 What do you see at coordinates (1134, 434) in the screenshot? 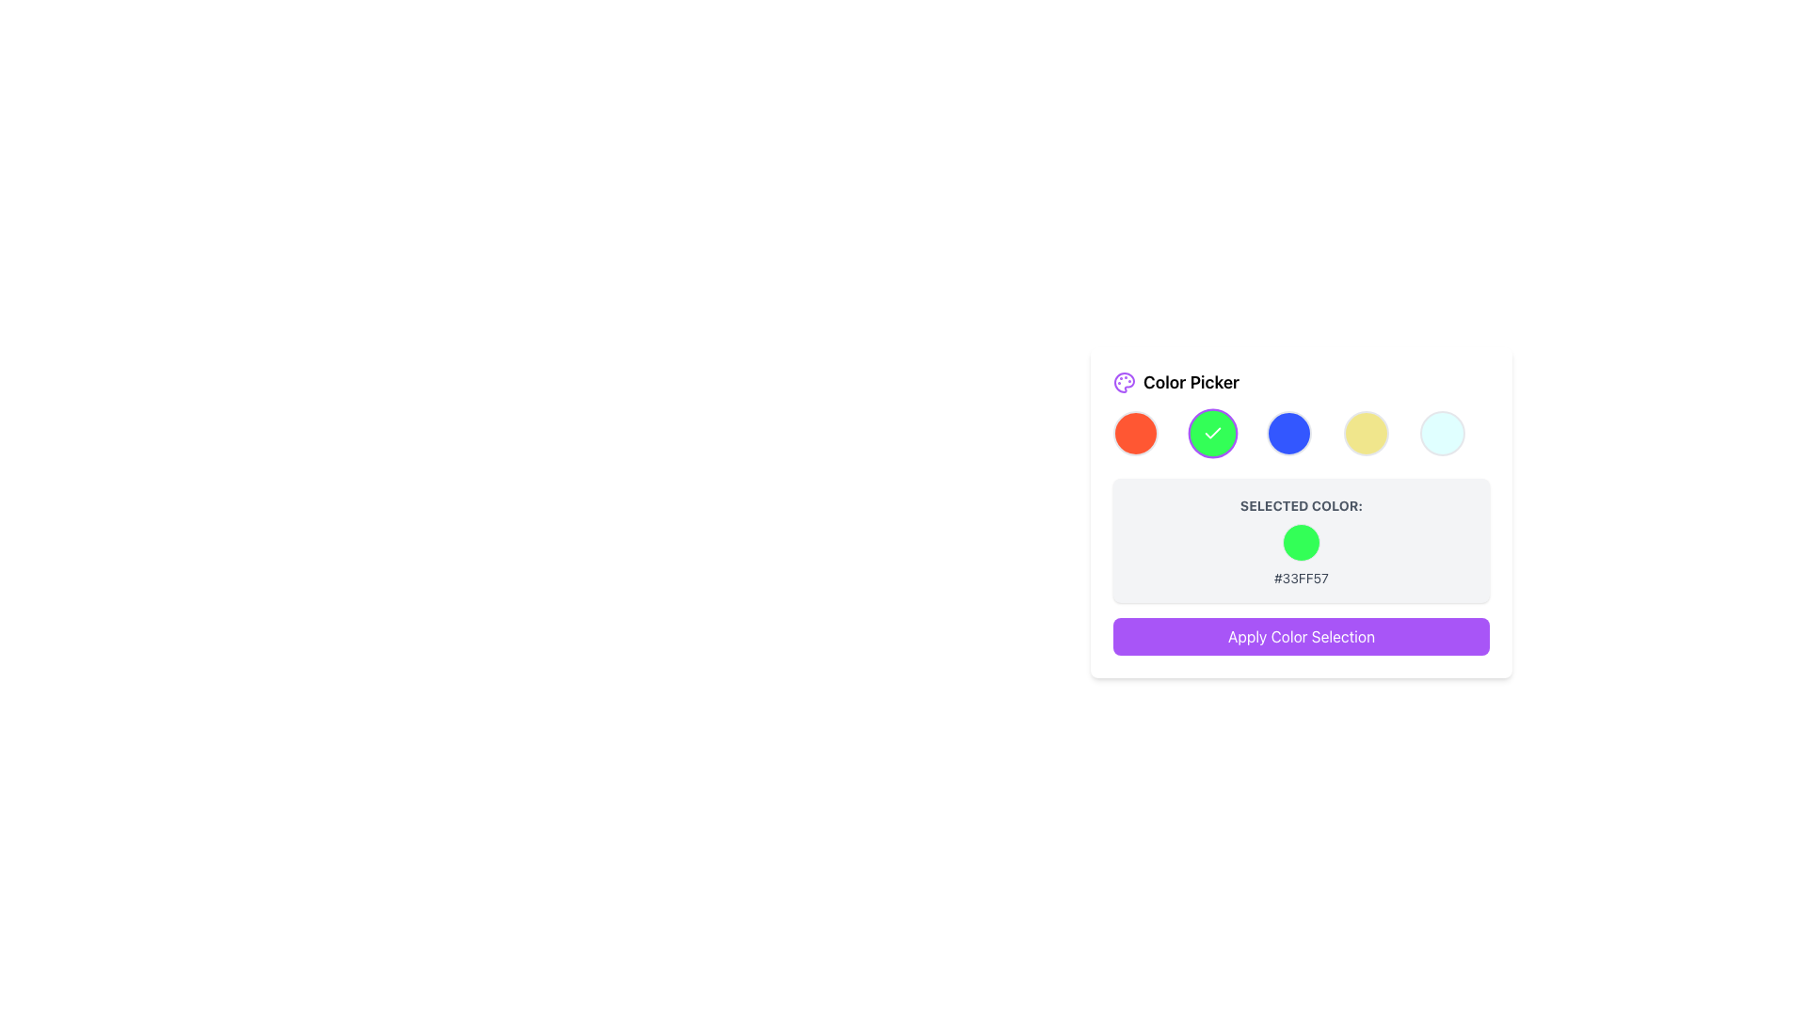
I see `the first circular color selection button located in the color picker component, which is positioned on the far-left of the group of five circular icons` at bounding box center [1134, 434].